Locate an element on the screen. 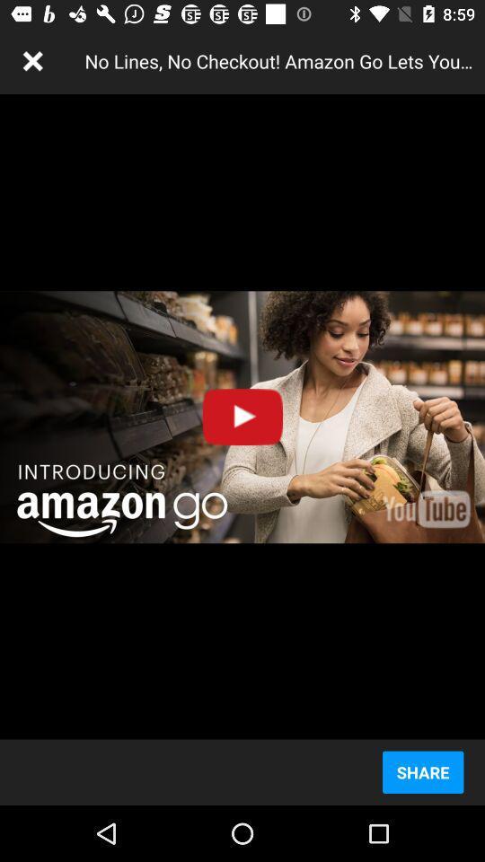 The height and width of the screenshot is (862, 485). the item at the top left corner is located at coordinates (32, 61).